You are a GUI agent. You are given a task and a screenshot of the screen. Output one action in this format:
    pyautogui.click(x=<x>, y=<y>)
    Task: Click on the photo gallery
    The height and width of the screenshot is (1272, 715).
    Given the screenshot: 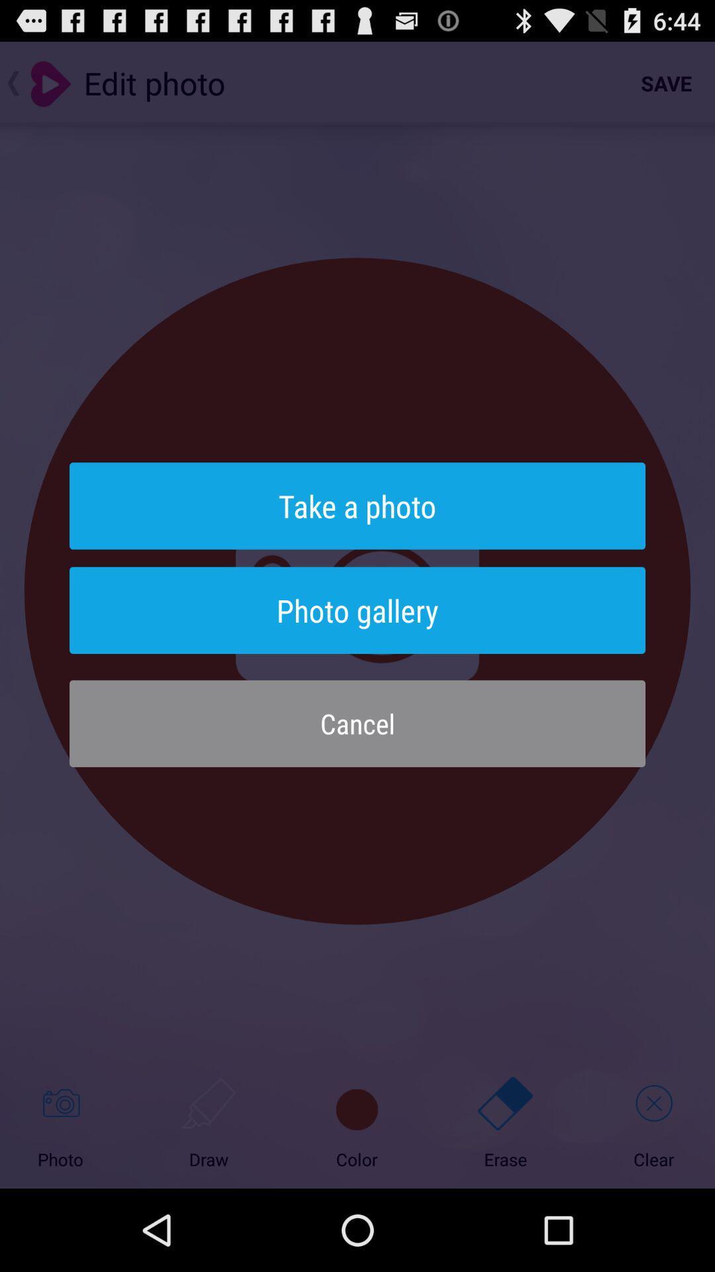 What is the action you would take?
    pyautogui.click(x=358, y=609)
    